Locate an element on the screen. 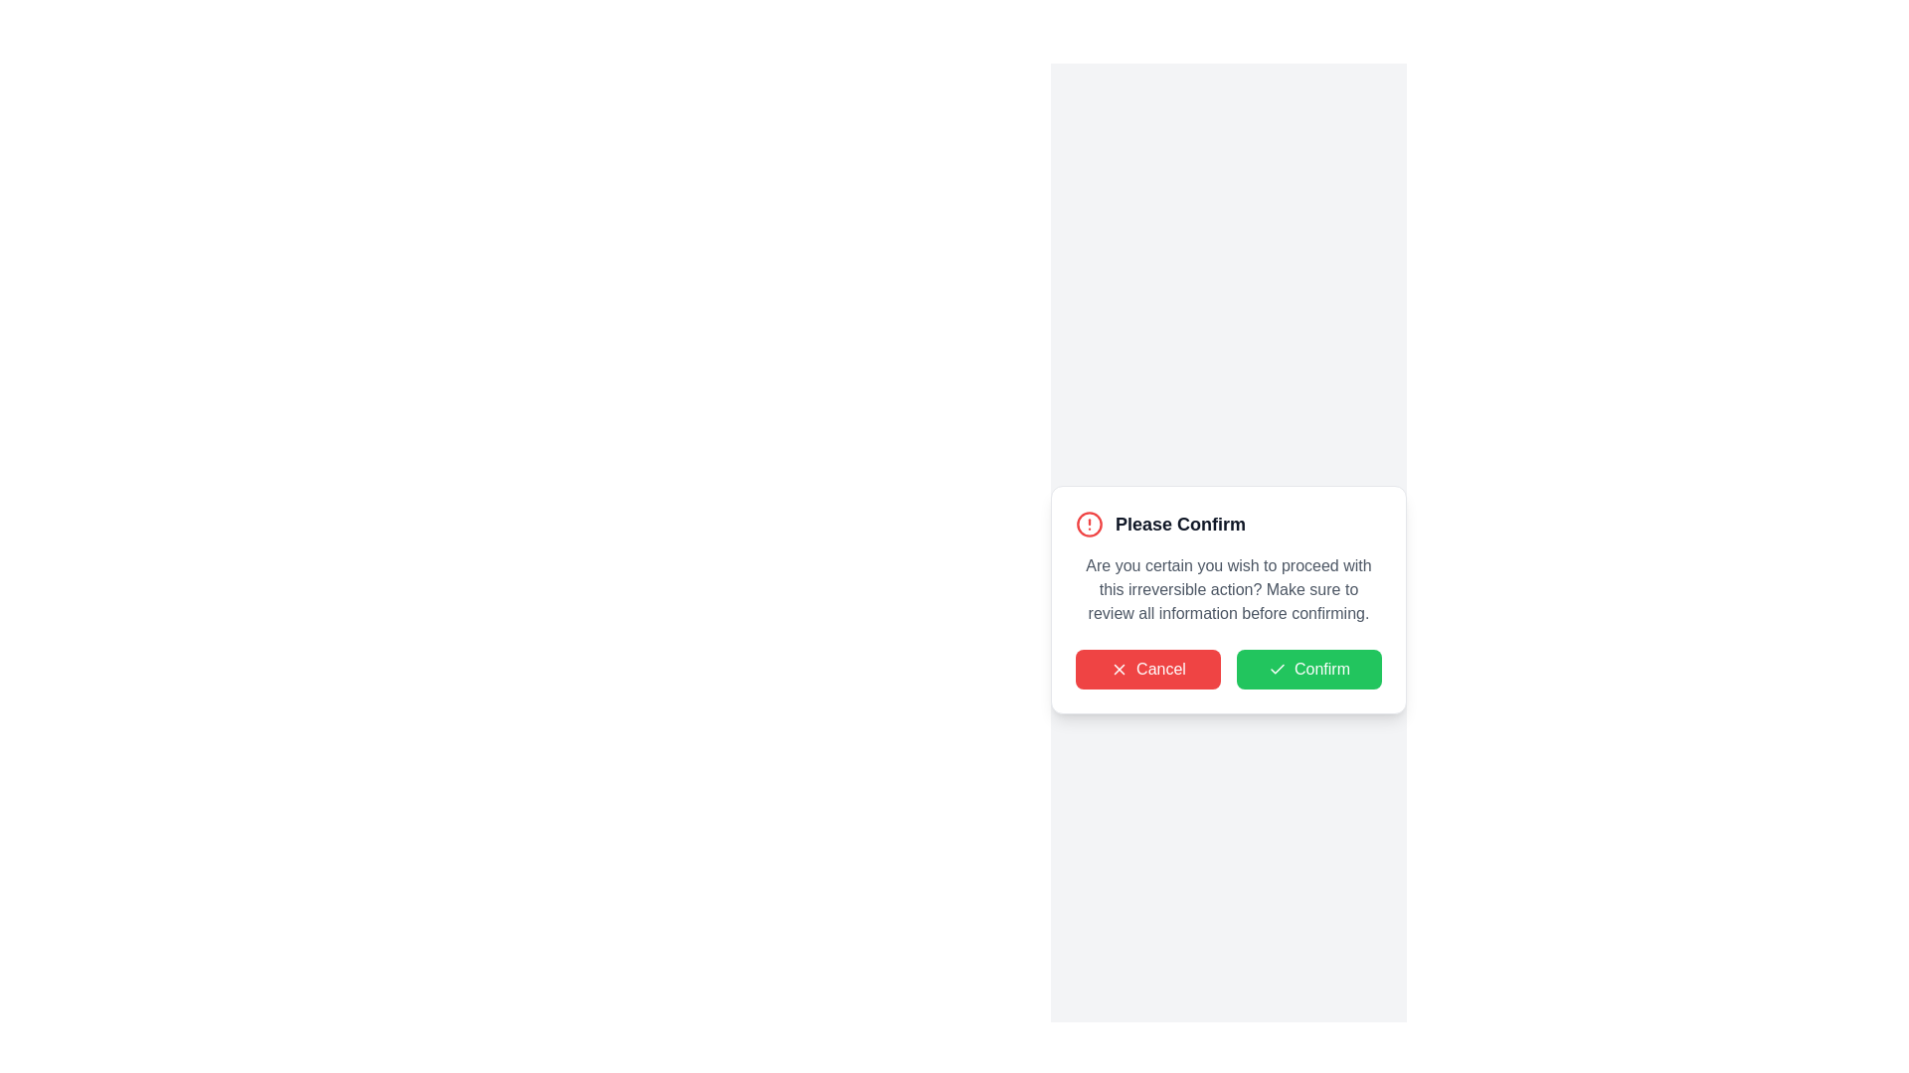  the 'Please Confirm' text label (Heading) displayed in bold and large font size within the confirmation dialog interface is located at coordinates (1180, 524).